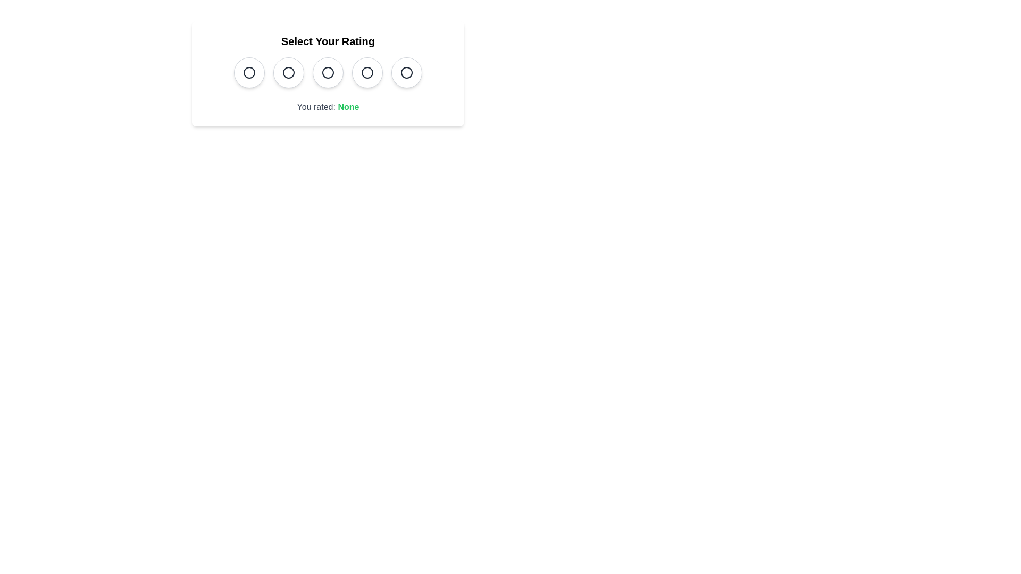 Image resolution: width=1021 pixels, height=574 pixels. I want to click on button corresponding to the rating 2, so click(288, 72).